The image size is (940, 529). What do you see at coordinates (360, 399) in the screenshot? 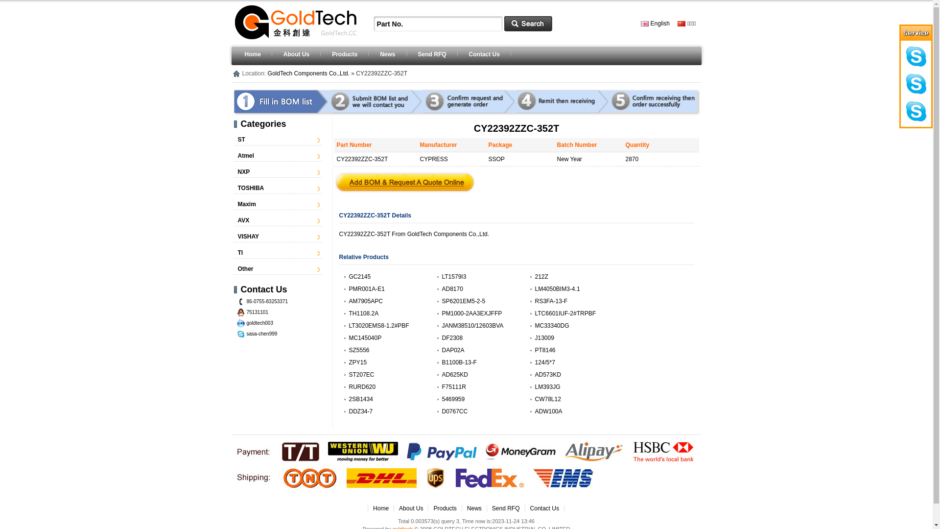
I see `'2SB1434'` at bounding box center [360, 399].